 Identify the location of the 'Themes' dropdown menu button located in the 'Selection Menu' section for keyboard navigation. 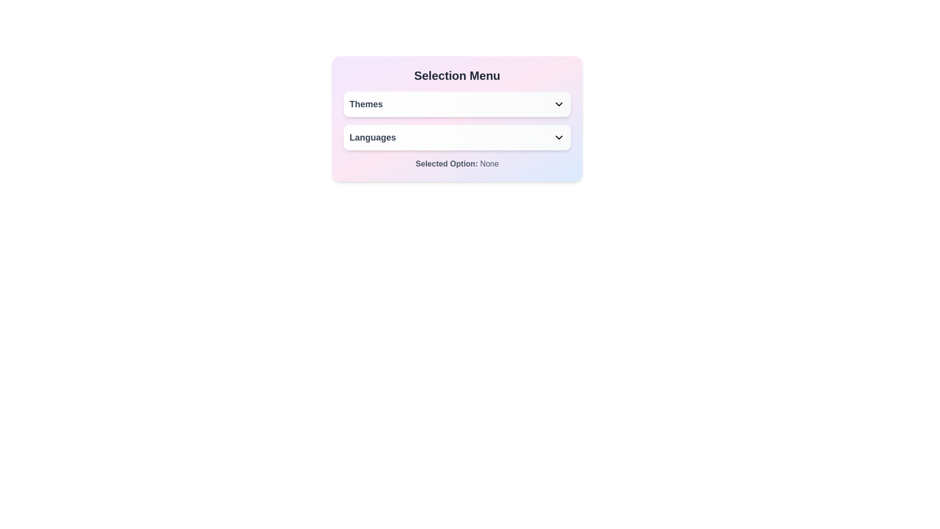
(457, 104).